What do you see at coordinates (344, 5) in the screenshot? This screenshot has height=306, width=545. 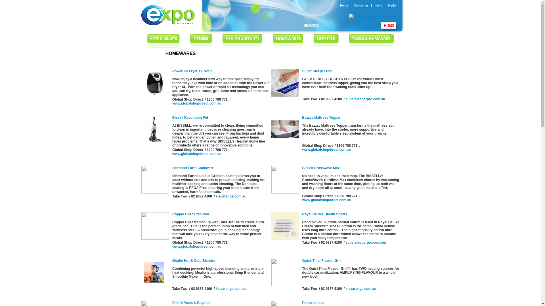 I see `'Home'` at bounding box center [344, 5].